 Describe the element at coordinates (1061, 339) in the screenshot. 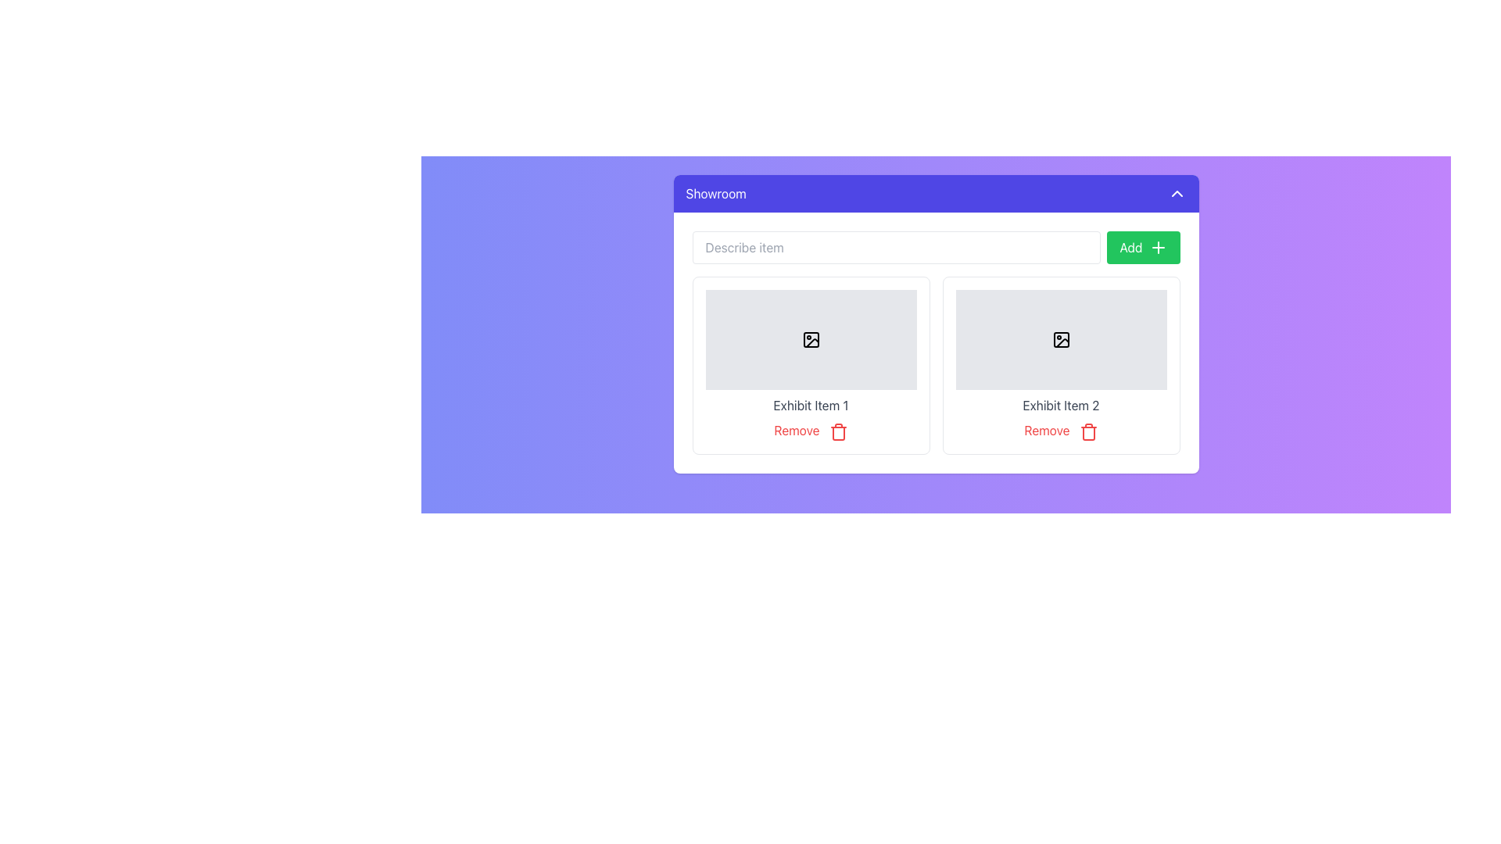

I see `the minimalist image placeholder icon located in the second position of the horizontally aligned grid layout, which has a light gray background` at that location.